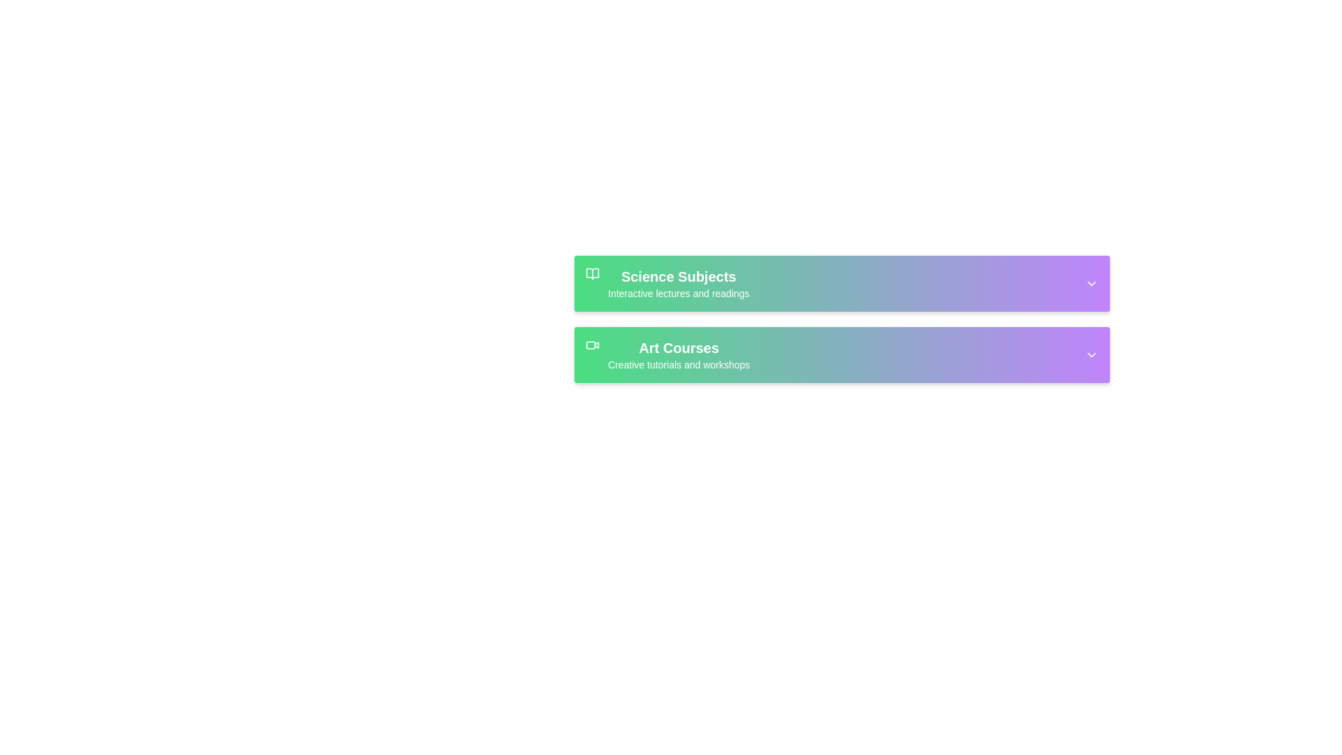 The height and width of the screenshot is (755, 1342). What do you see at coordinates (593, 274) in the screenshot?
I see `the open book icon on the green background, located to the left of the 'Science Subjects' section above the text 'Interactive lectures and readings'` at bounding box center [593, 274].